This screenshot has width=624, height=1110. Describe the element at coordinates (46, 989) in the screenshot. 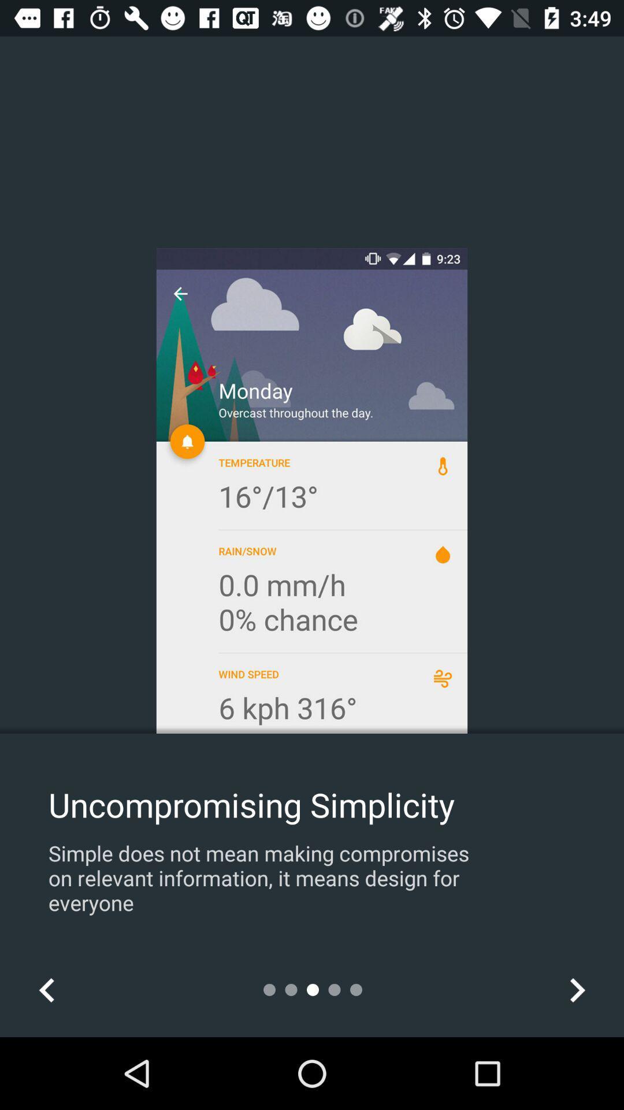

I see `icon at the bottom left corner` at that location.